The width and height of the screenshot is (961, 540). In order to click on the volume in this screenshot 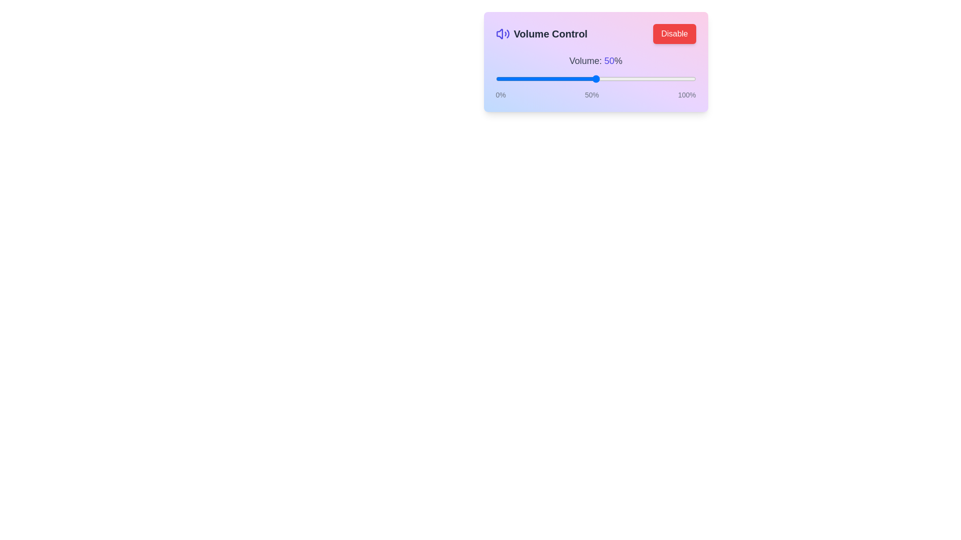, I will do `click(539, 78)`.